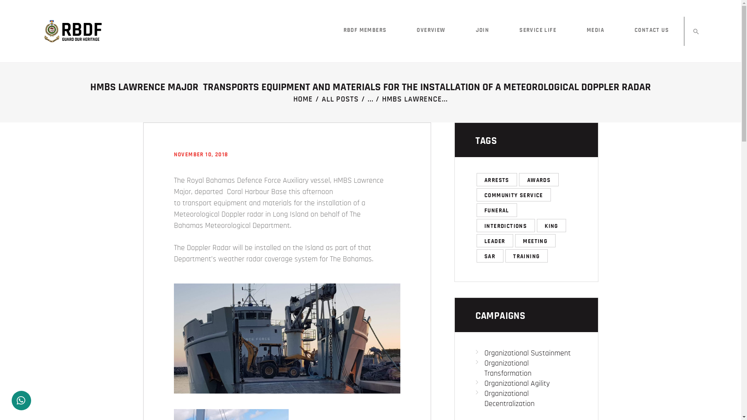 The height and width of the screenshot is (420, 747). I want to click on 'ARRESTS', so click(496, 180).